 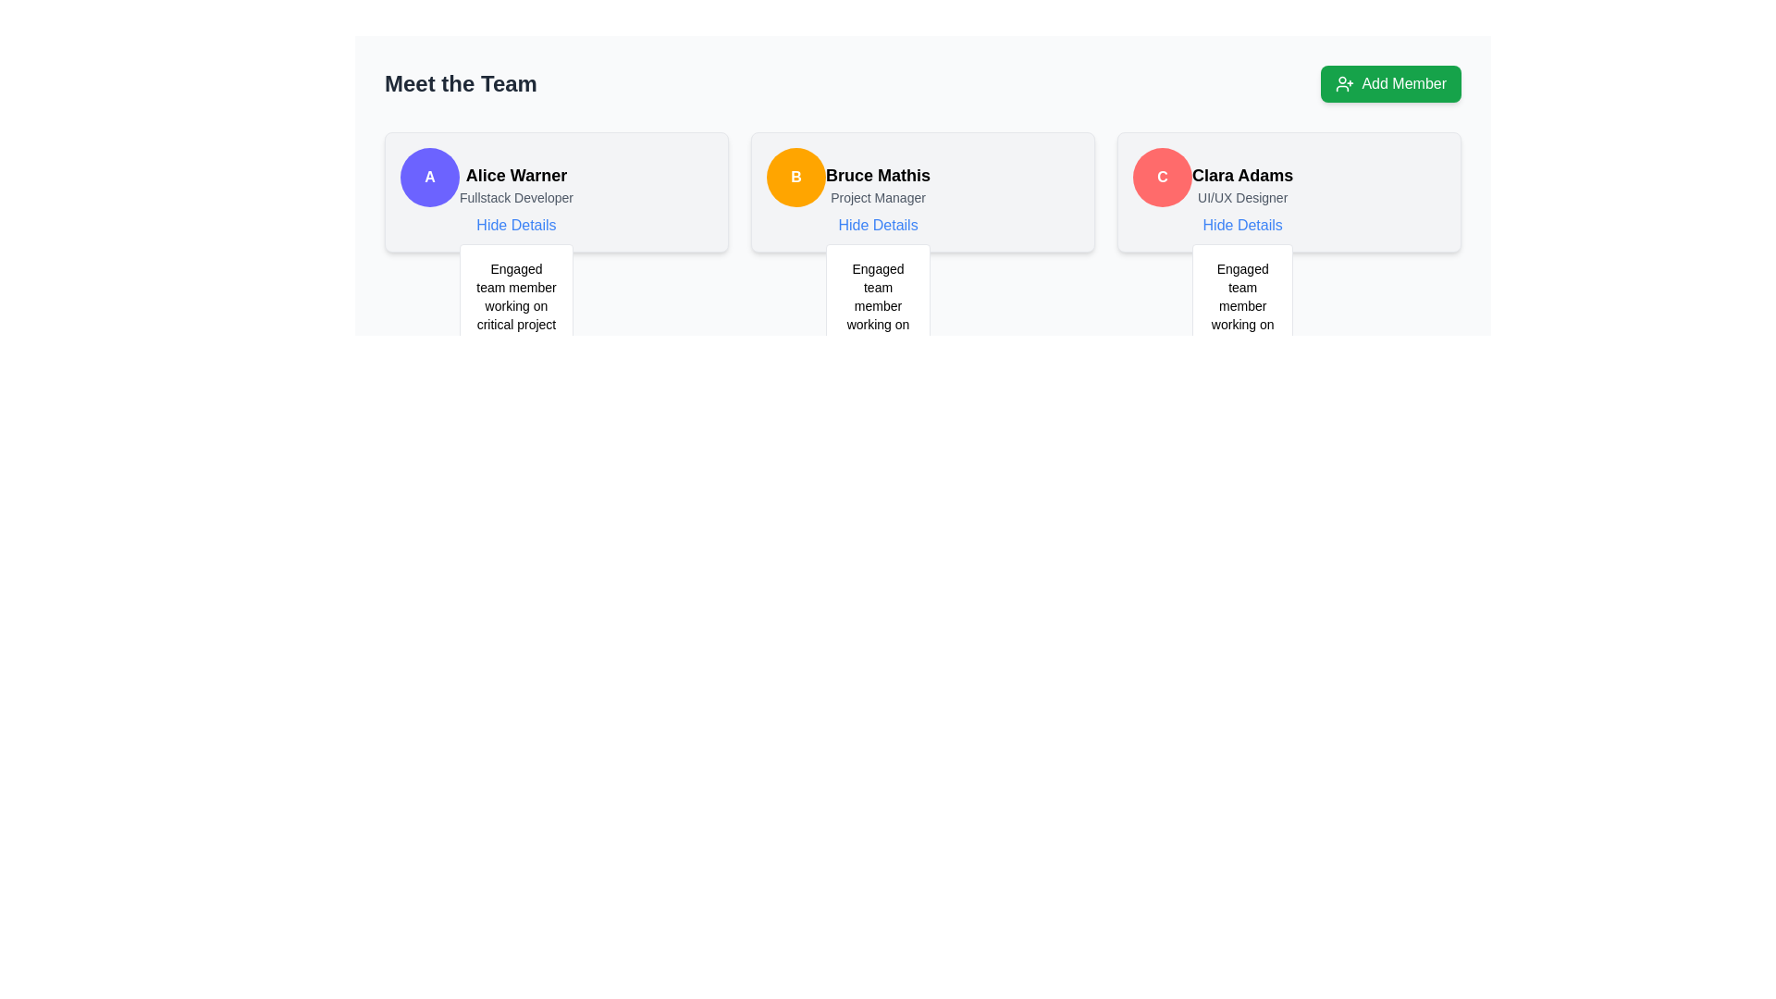 I want to click on the hyperlink or toggle button located beneath the 'Project Manager' title in the 'Bruce Mathis' member card, so click(x=877, y=224).